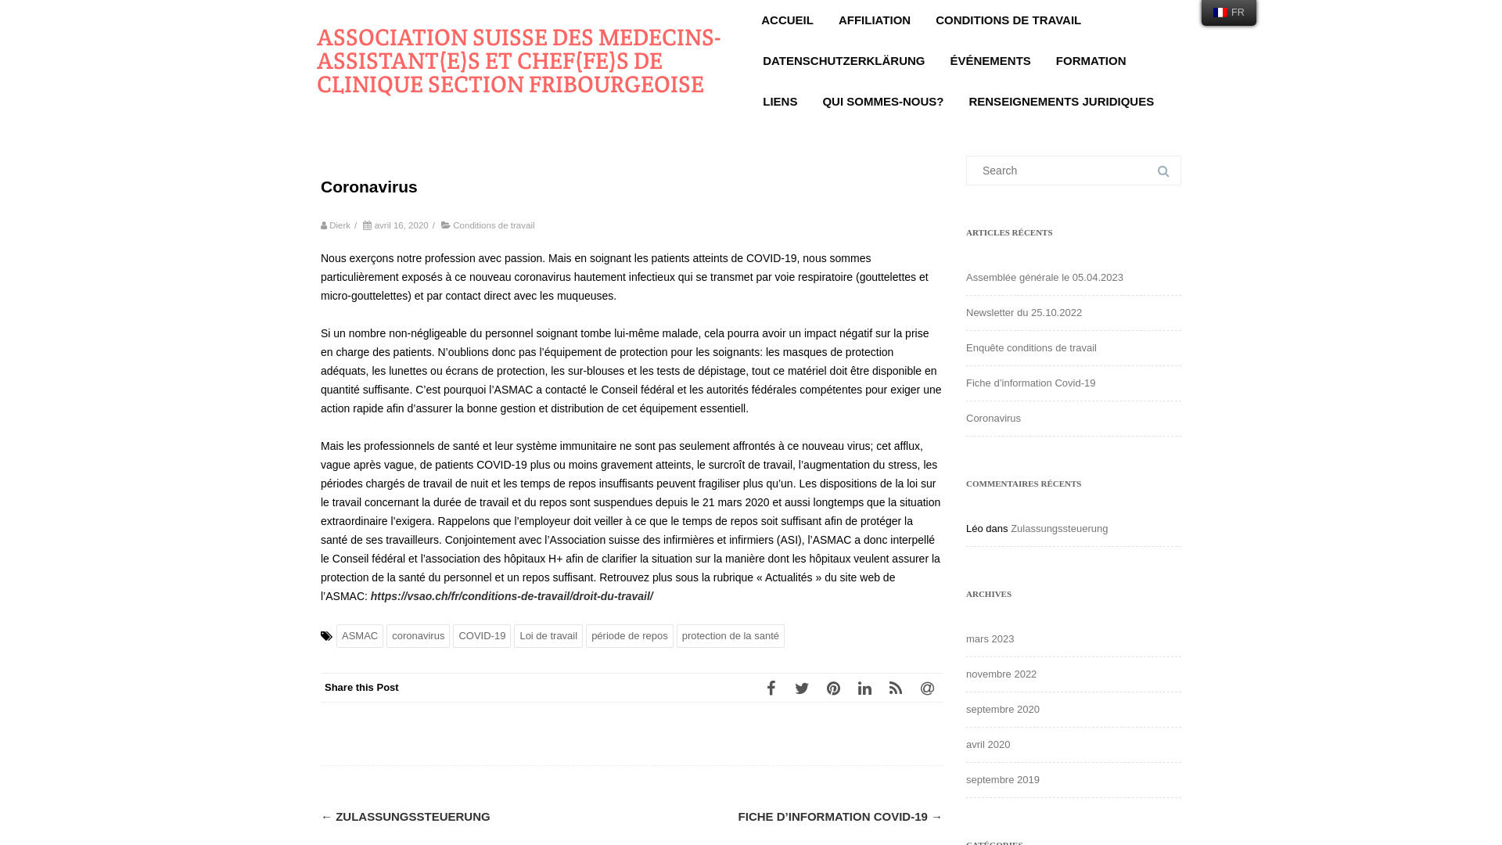  Describe the element at coordinates (927, 687) in the screenshot. I see `'Email'` at that location.